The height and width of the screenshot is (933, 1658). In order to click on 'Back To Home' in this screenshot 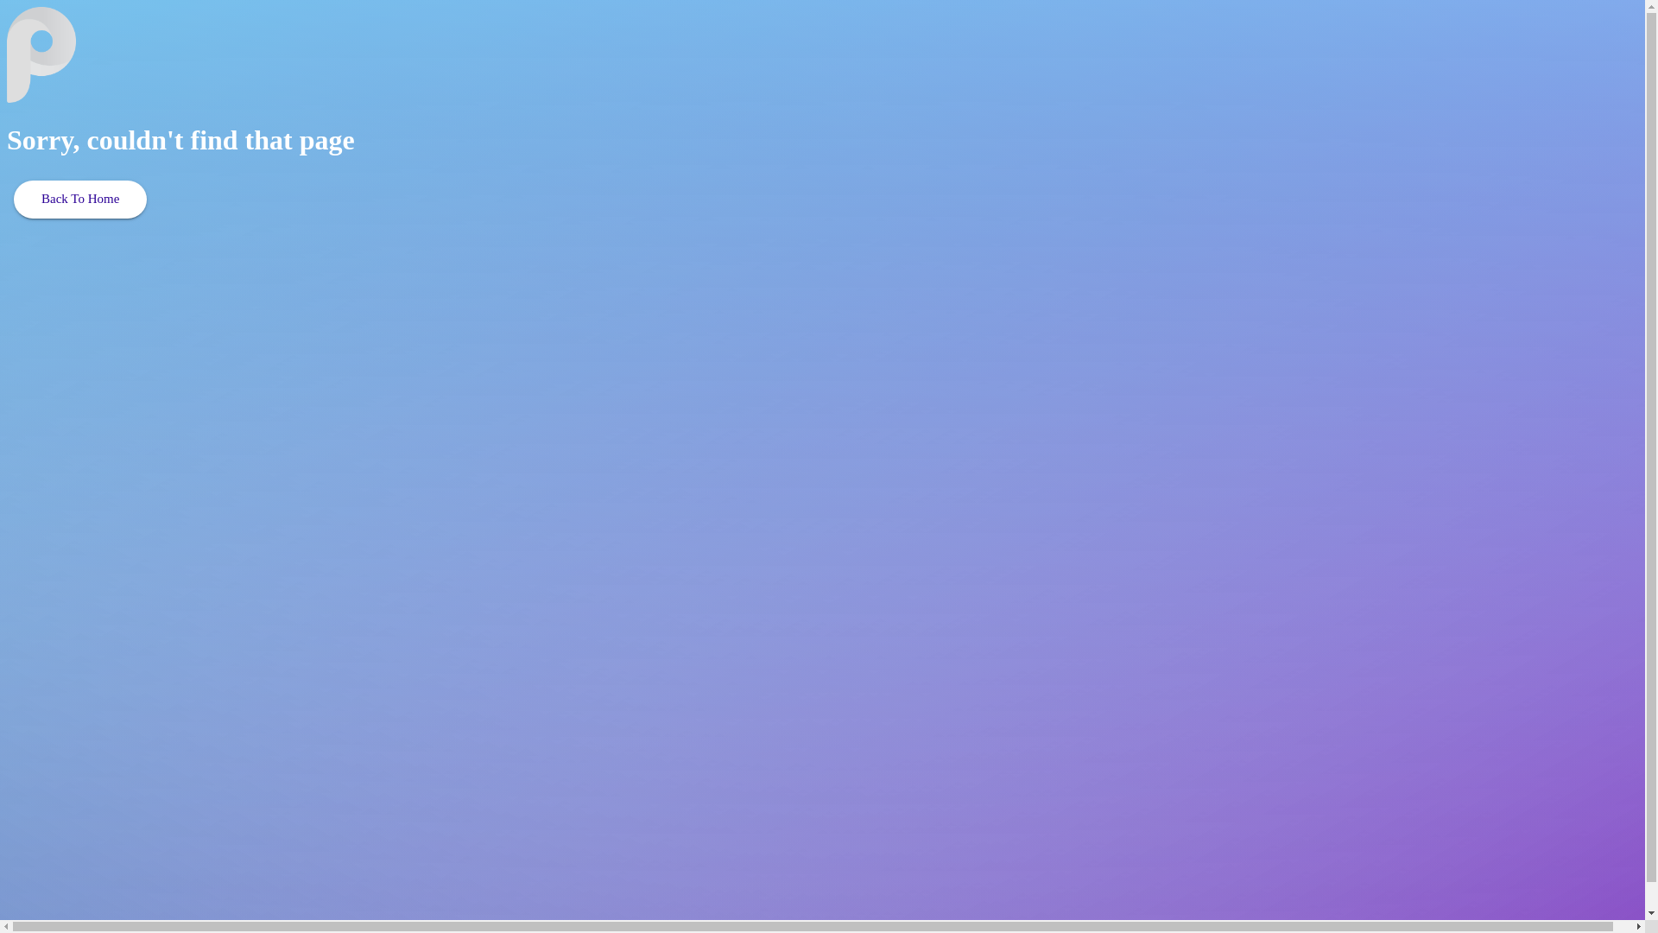, I will do `click(79, 199)`.